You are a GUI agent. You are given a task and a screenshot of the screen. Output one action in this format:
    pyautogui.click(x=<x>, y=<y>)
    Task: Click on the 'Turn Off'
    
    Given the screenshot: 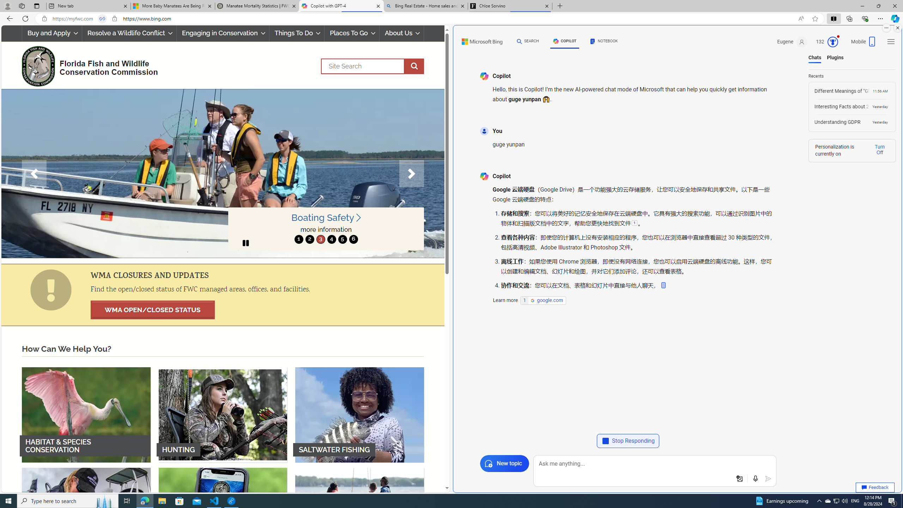 What is the action you would take?
    pyautogui.click(x=879, y=150)
    